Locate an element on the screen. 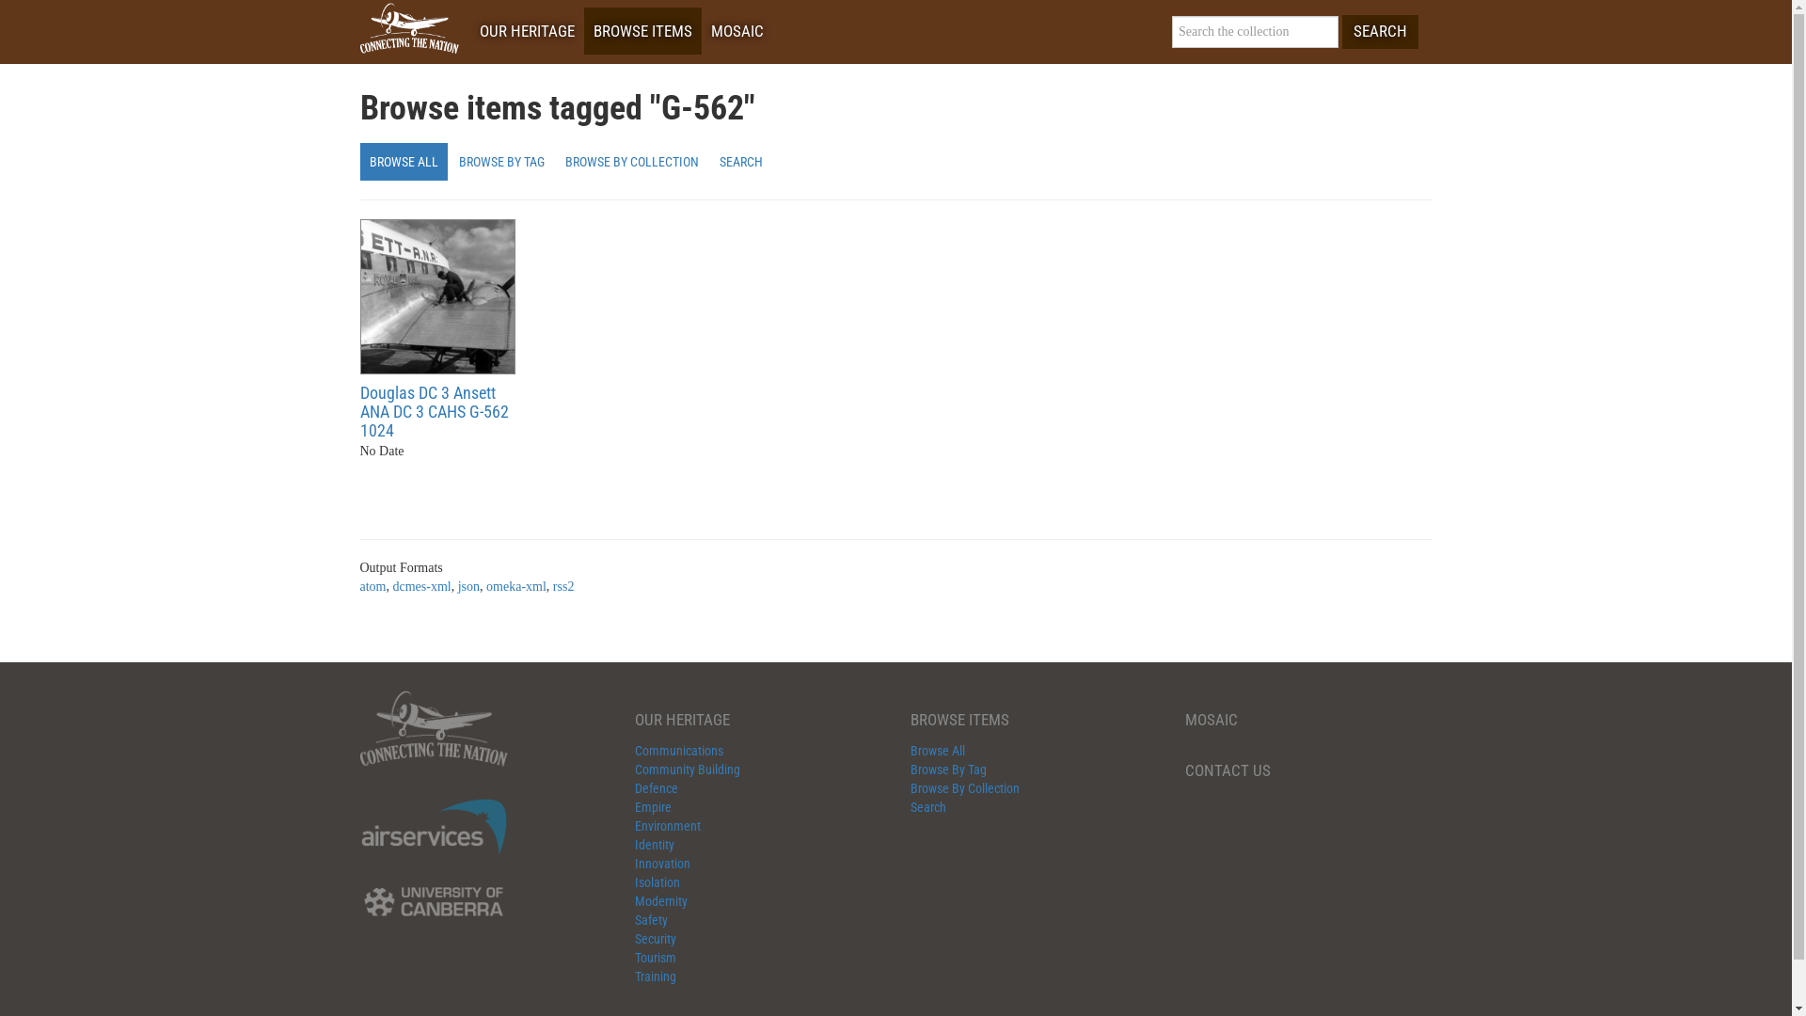 The width and height of the screenshot is (1806, 1016). 'Innovation' is located at coordinates (662, 864).